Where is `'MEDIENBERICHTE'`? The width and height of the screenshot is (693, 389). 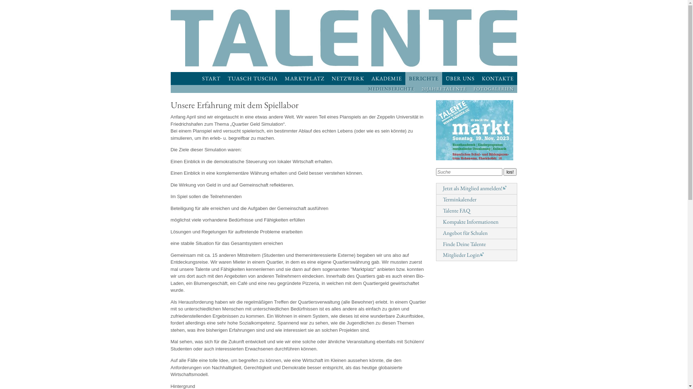 'MEDIENBERICHTE' is located at coordinates (391, 88).